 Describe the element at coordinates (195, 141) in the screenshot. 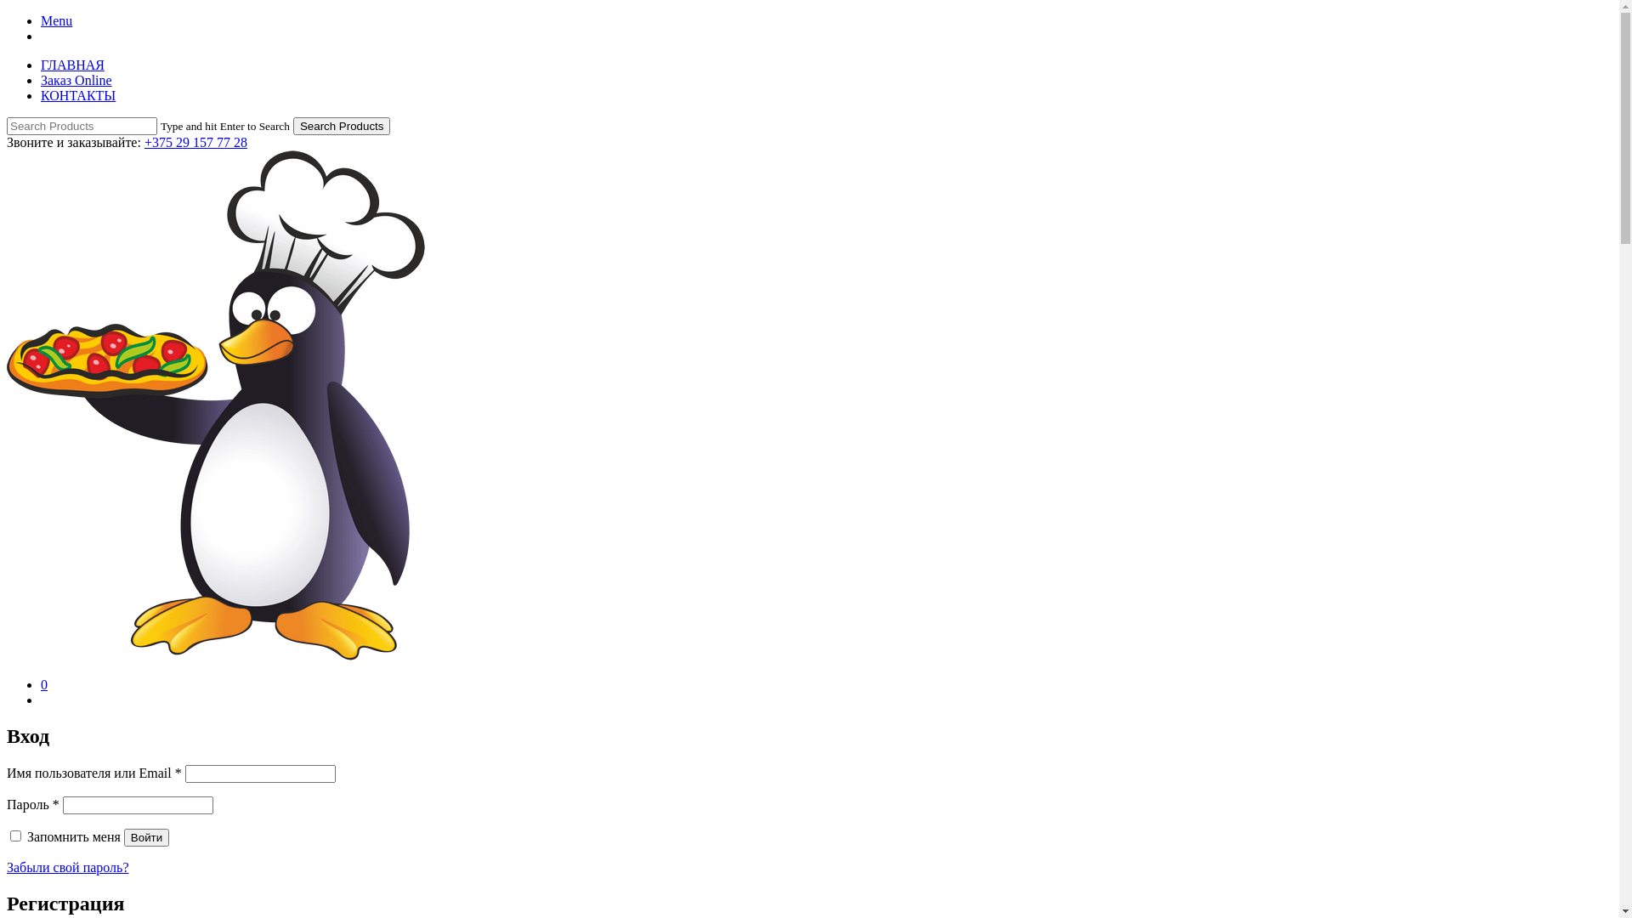

I see `'+375 29 157 77 28'` at that location.